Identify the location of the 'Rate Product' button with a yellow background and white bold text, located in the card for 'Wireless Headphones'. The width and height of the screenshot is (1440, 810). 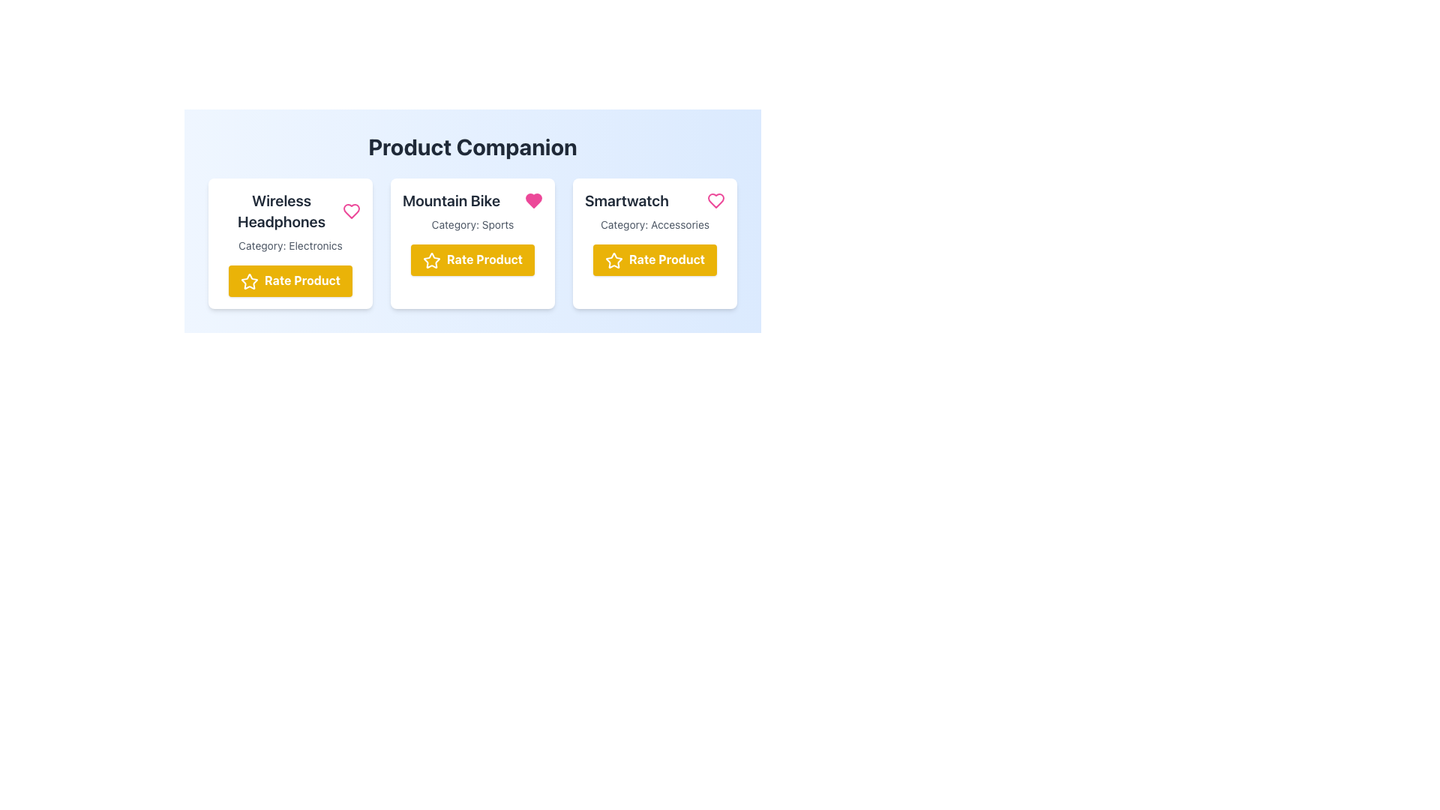
(290, 280).